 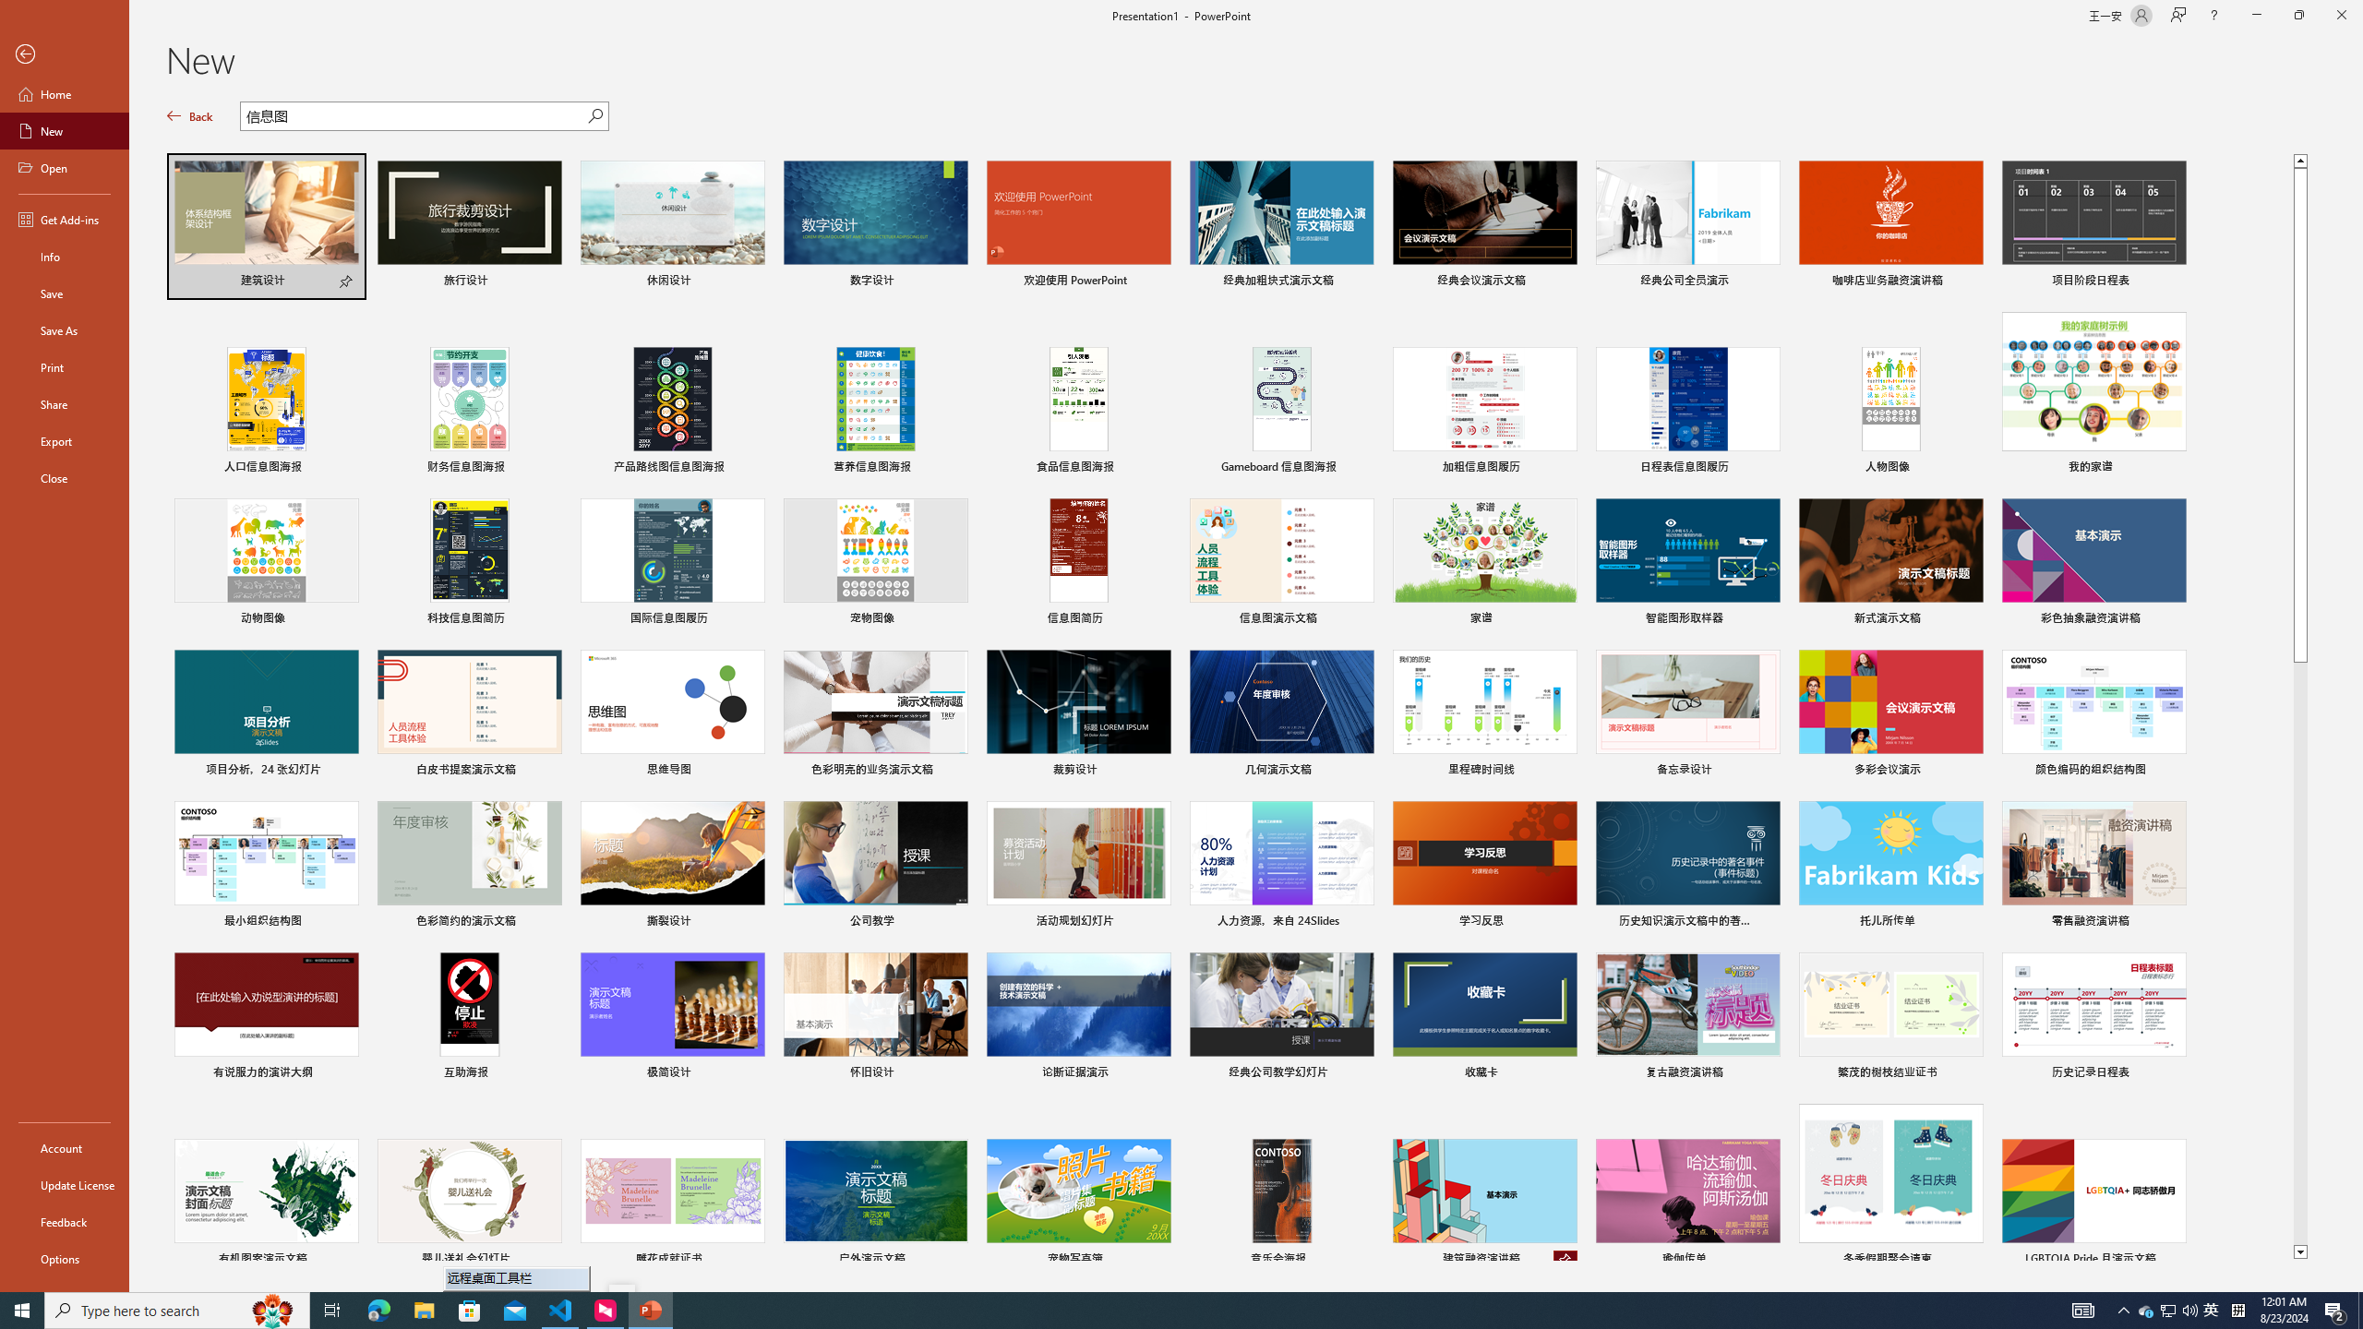 I want to click on 'Search for online templates and themes', so click(x=414, y=117).